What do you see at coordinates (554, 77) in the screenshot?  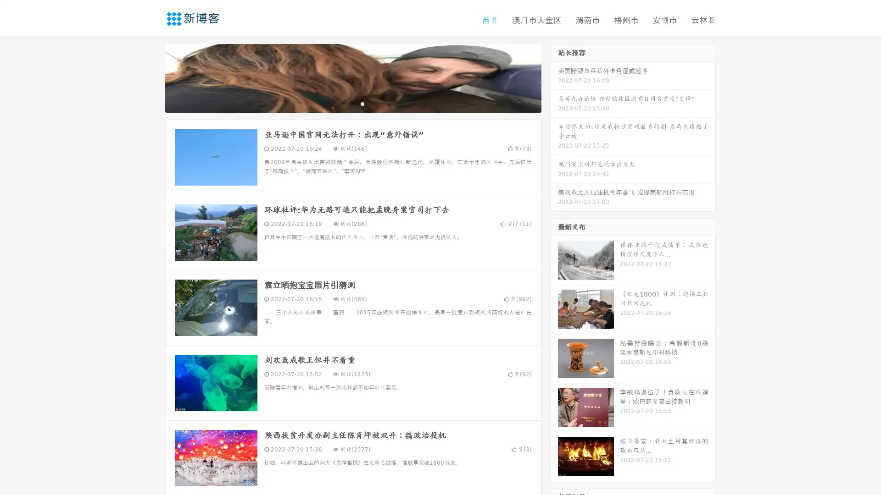 I see `Next slide` at bounding box center [554, 77].